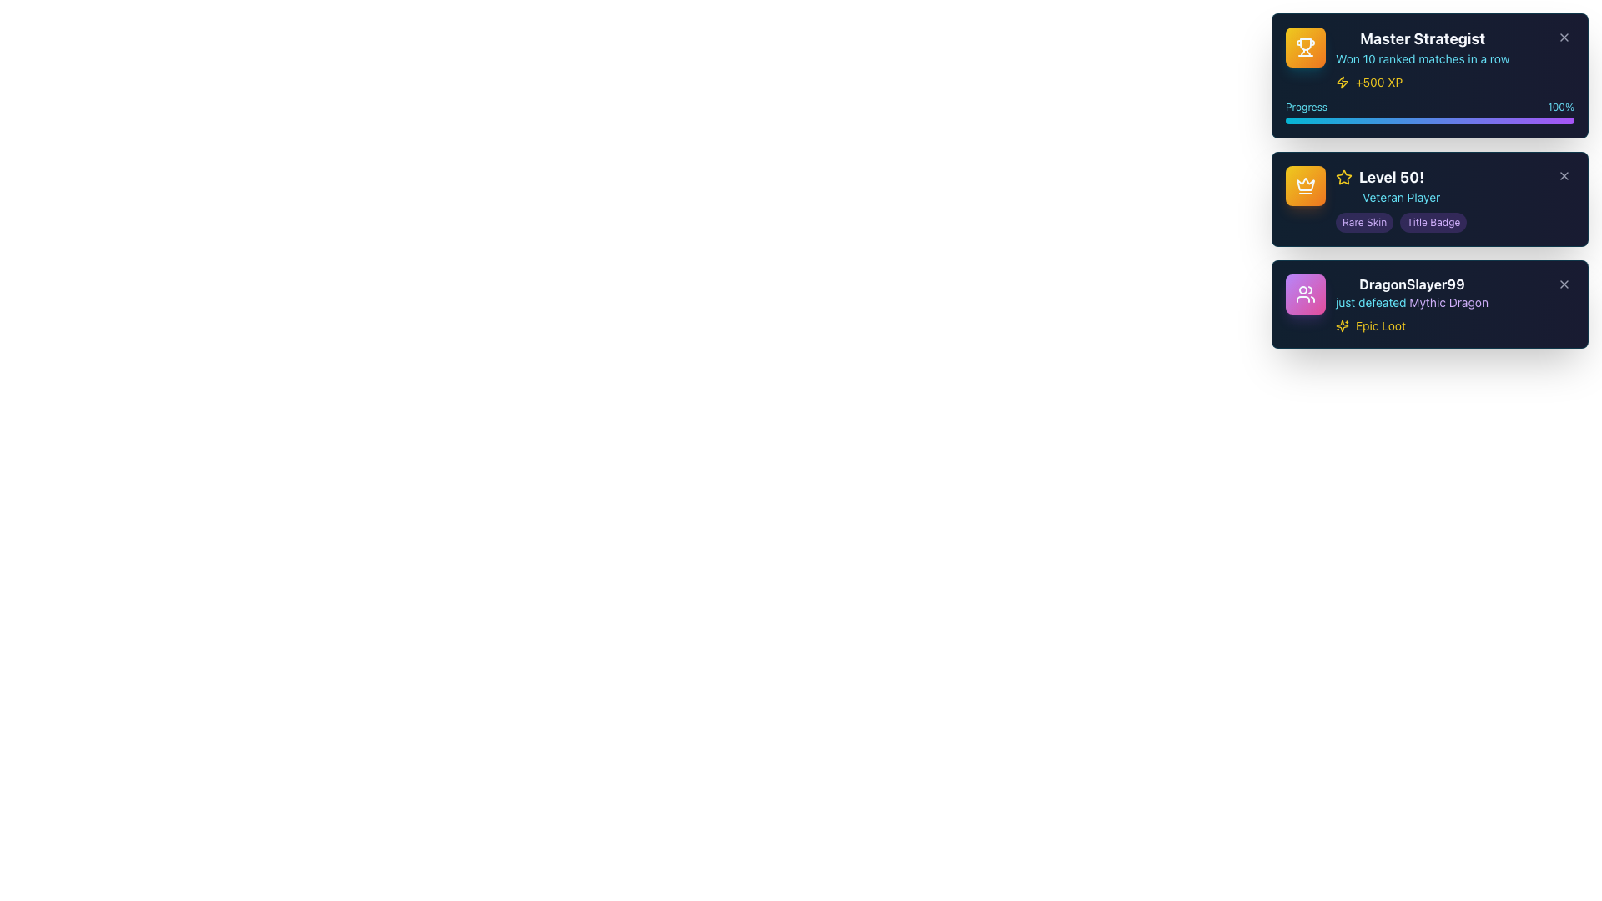  I want to click on the Notification Card that displays a user achievement with a bold username on a dark background, which is the last item in a vertically-stacked list of notifications, so click(1387, 305).